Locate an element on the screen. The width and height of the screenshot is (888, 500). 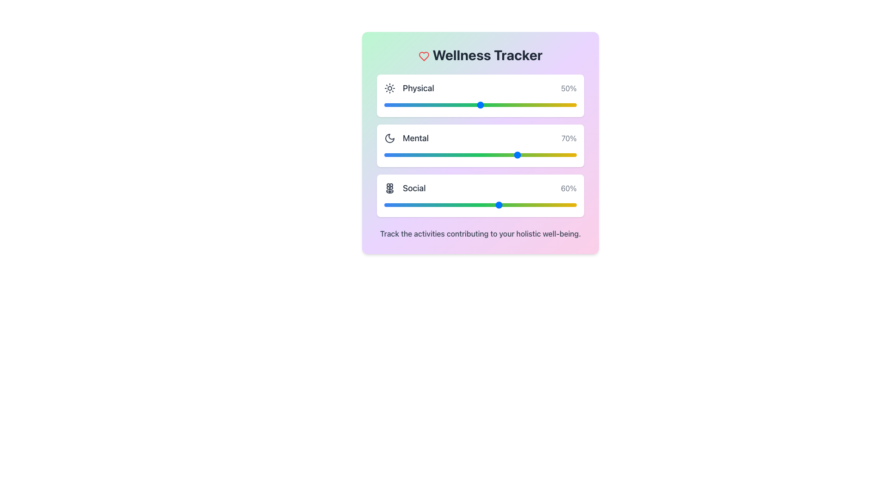
the social well-being percentage is located at coordinates (398, 205).